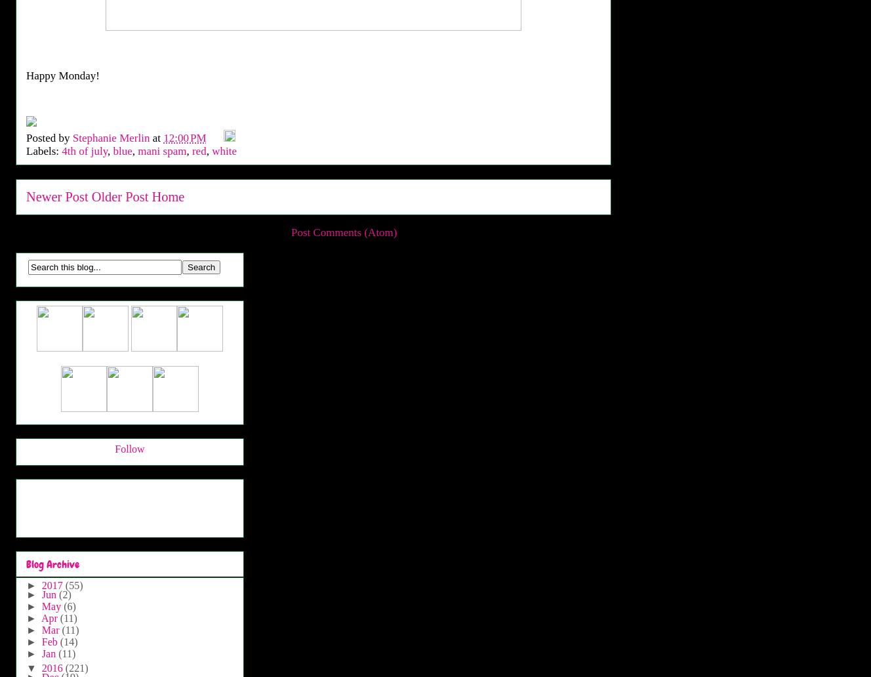  Describe the element at coordinates (192, 150) in the screenshot. I see `'red'` at that location.